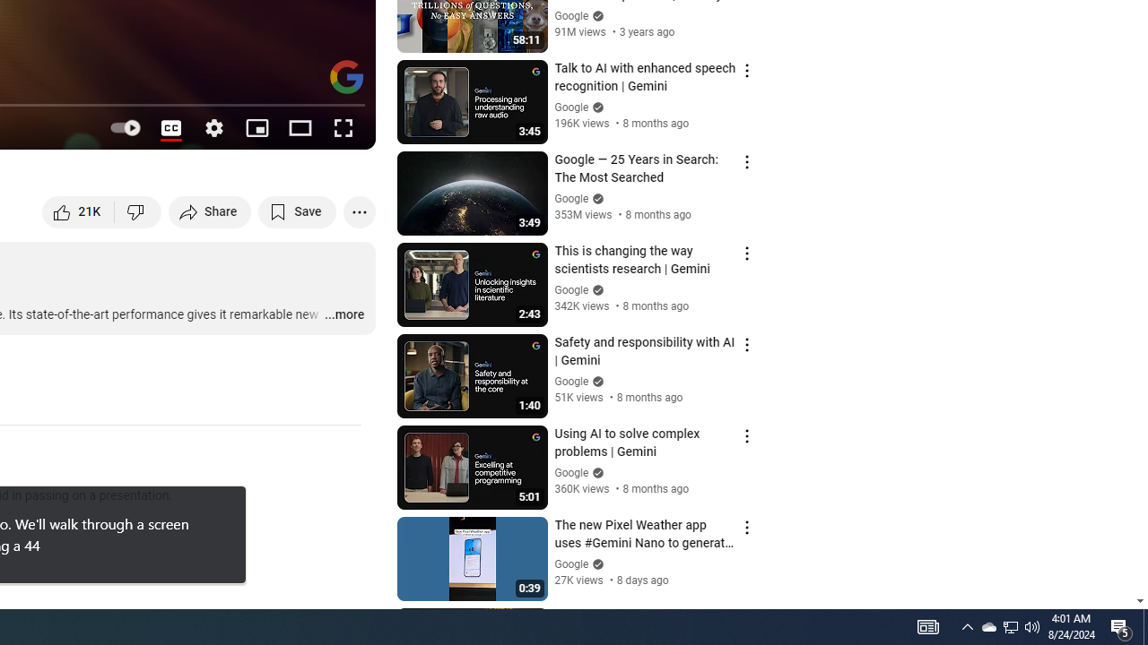 The height and width of the screenshot is (645, 1148). What do you see at coordinates (344, 314) in the screenshot?
I see `'...more'` at bounding box center [344, 314].